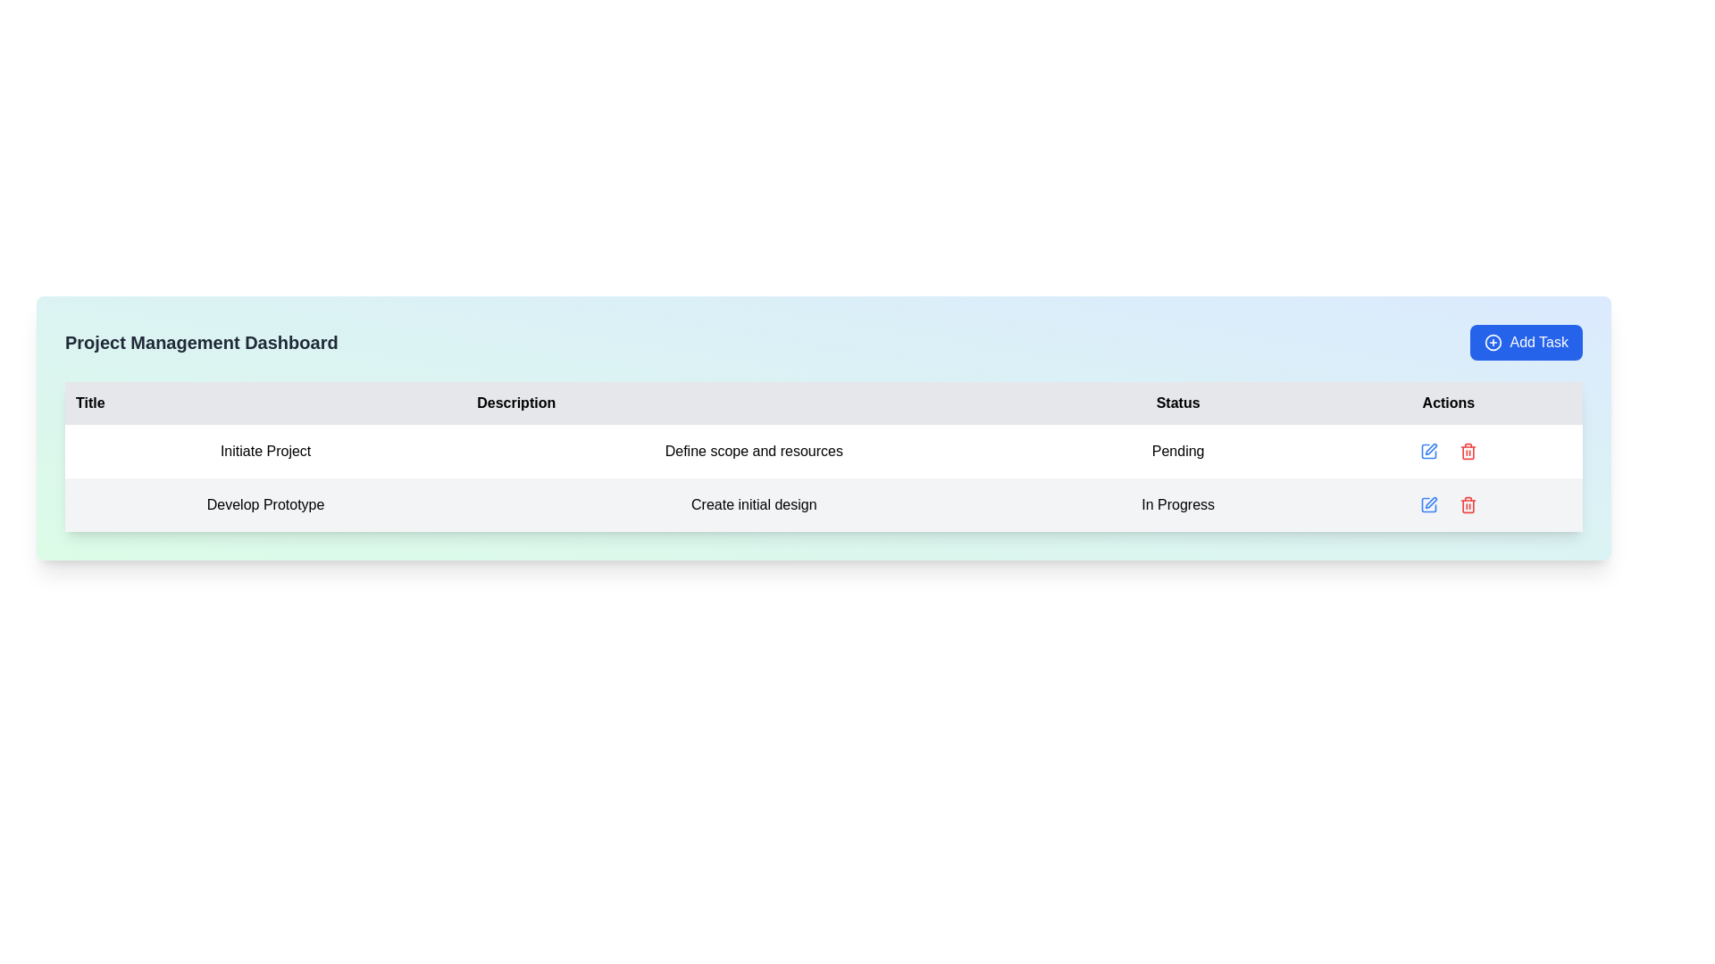  Describe the element at coordinates (1427, 450) in the screenshot. I see `the edit button located in the 'Actions' column of the first row of the projects table to change the icon color` at that location.